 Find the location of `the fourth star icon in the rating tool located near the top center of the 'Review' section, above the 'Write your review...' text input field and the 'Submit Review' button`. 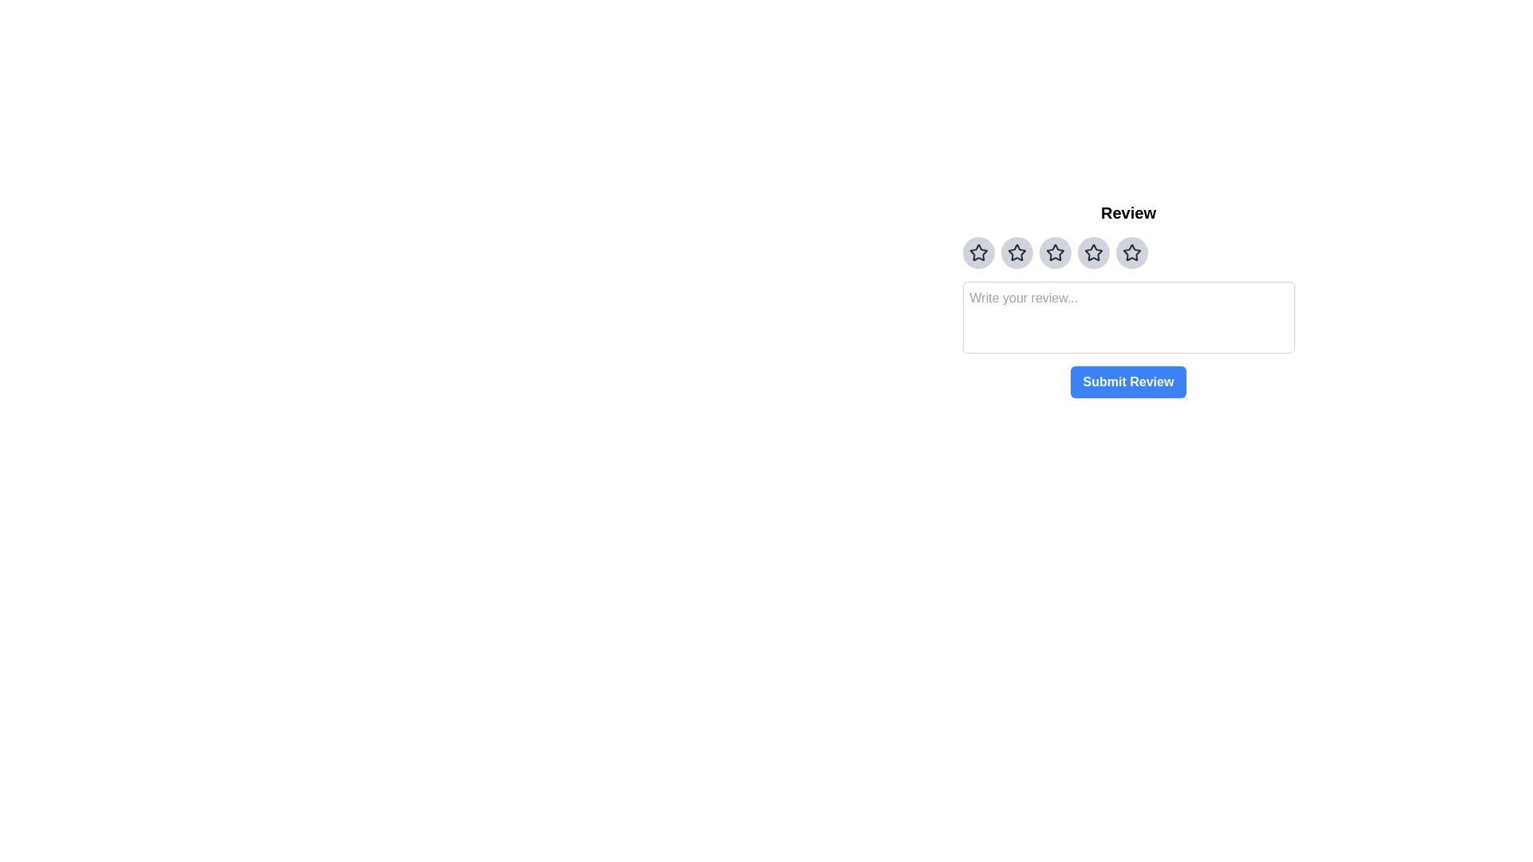

the fourth star icon in the rating tool located near the top center of the 'Review' section, above the 'Write your review...' text input field and the 'Submit Review' button is located at coordinates (1092, 251).